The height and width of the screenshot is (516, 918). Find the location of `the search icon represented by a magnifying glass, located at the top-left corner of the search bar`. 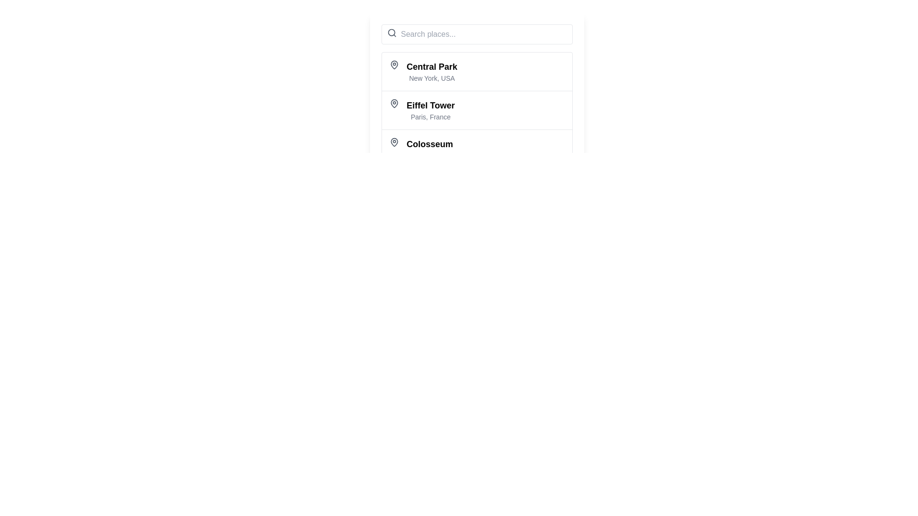

the search icon represented by a magnifying glass, located at the top-left corner of the search bar is located at coordinates (392, 32).